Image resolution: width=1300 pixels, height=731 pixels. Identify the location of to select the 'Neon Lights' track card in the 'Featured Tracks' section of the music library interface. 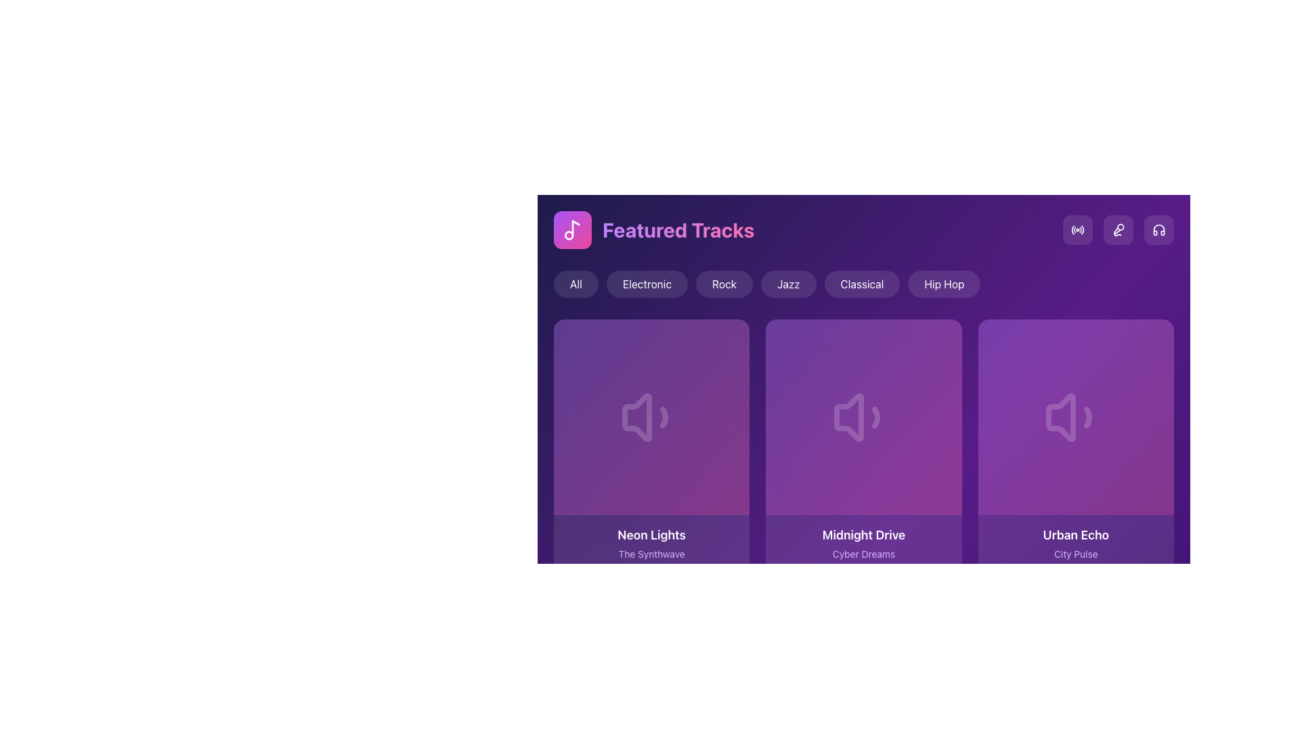
(651, 457).